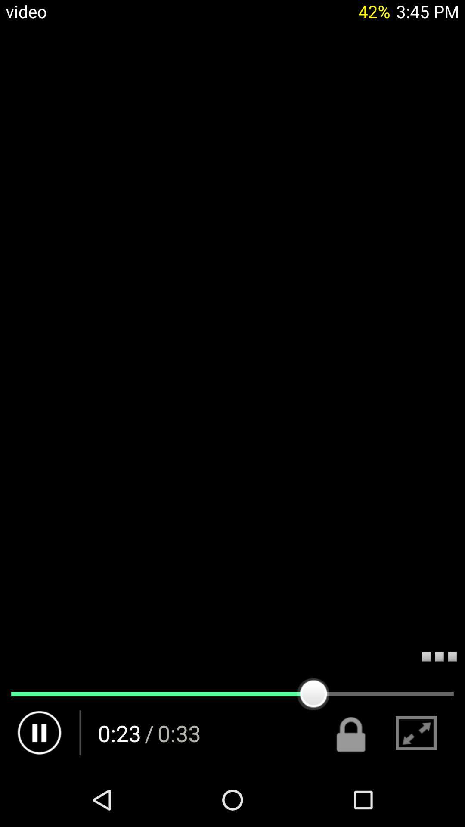  Describe the element at coordinates (439, 703) in the screenshot. I see `the more icon` at that location.